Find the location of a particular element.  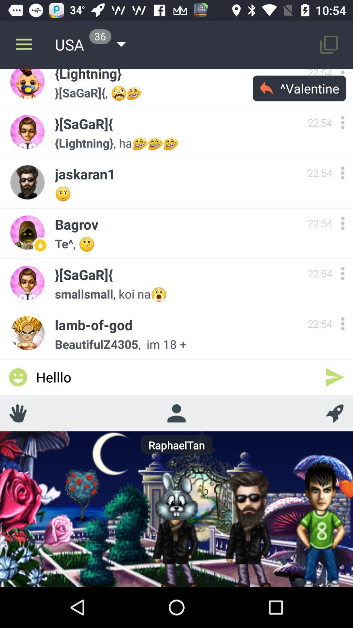

the icon below beautifulz4305,  im 18 + icon is located at coordinates (335, 377).